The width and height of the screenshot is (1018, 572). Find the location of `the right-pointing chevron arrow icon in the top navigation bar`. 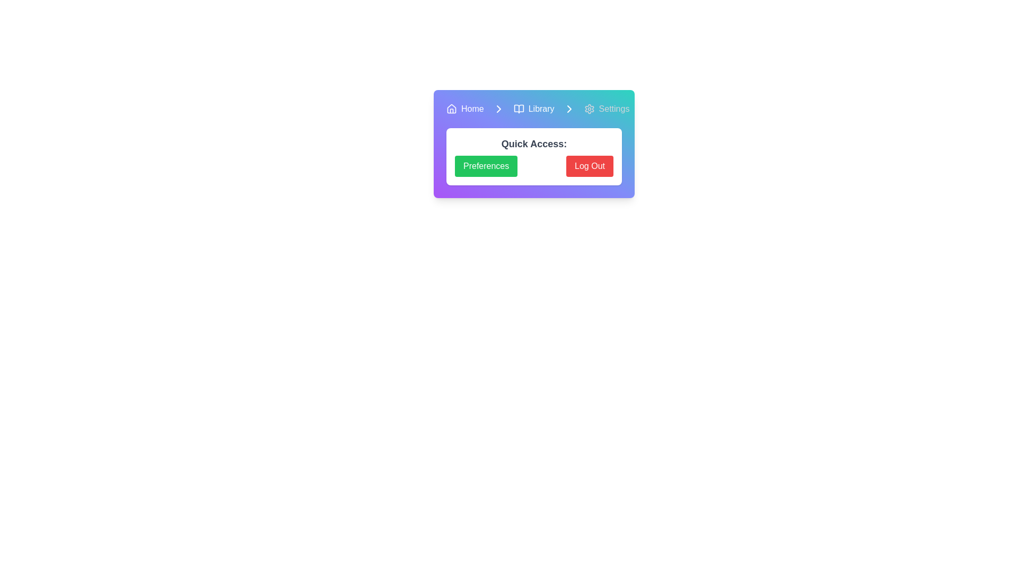

the right-pointing chevron arrow icon in the top navigation bar is located at coordinates (498, 109).